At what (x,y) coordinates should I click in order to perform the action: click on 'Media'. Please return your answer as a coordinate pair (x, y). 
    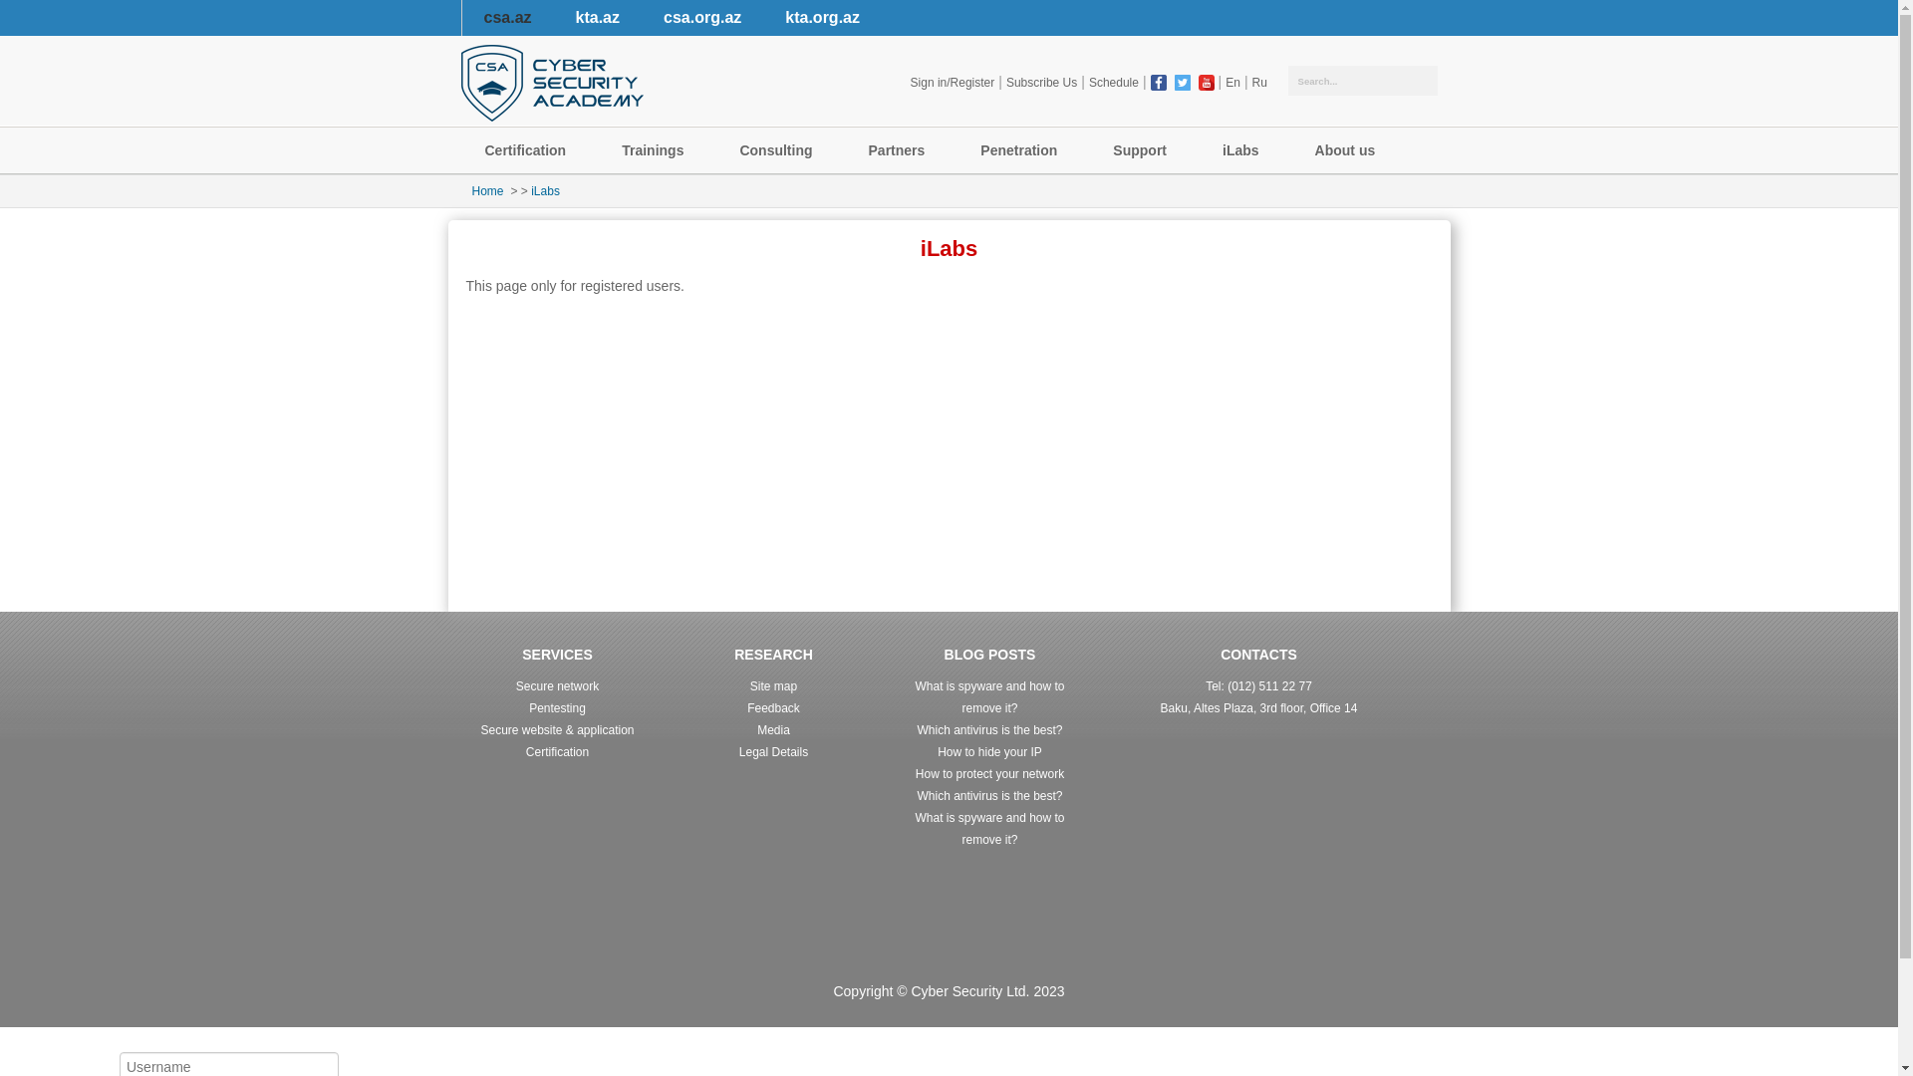
    Looking at the image, I should click on (772, 729).